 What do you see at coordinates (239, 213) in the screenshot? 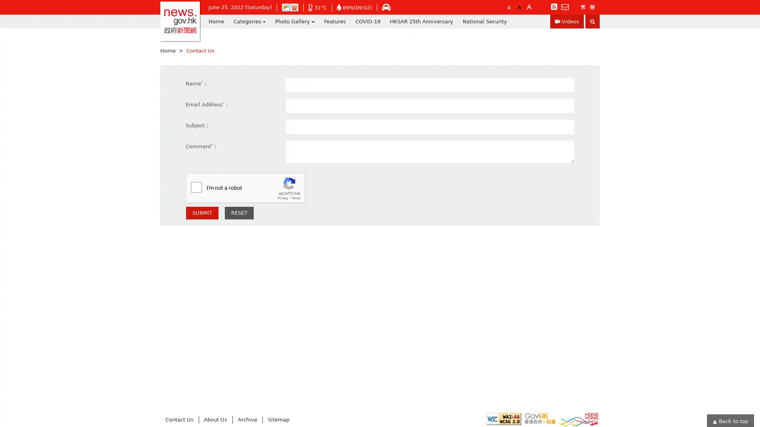
I see `RESET` at bounding box center [239, 213].